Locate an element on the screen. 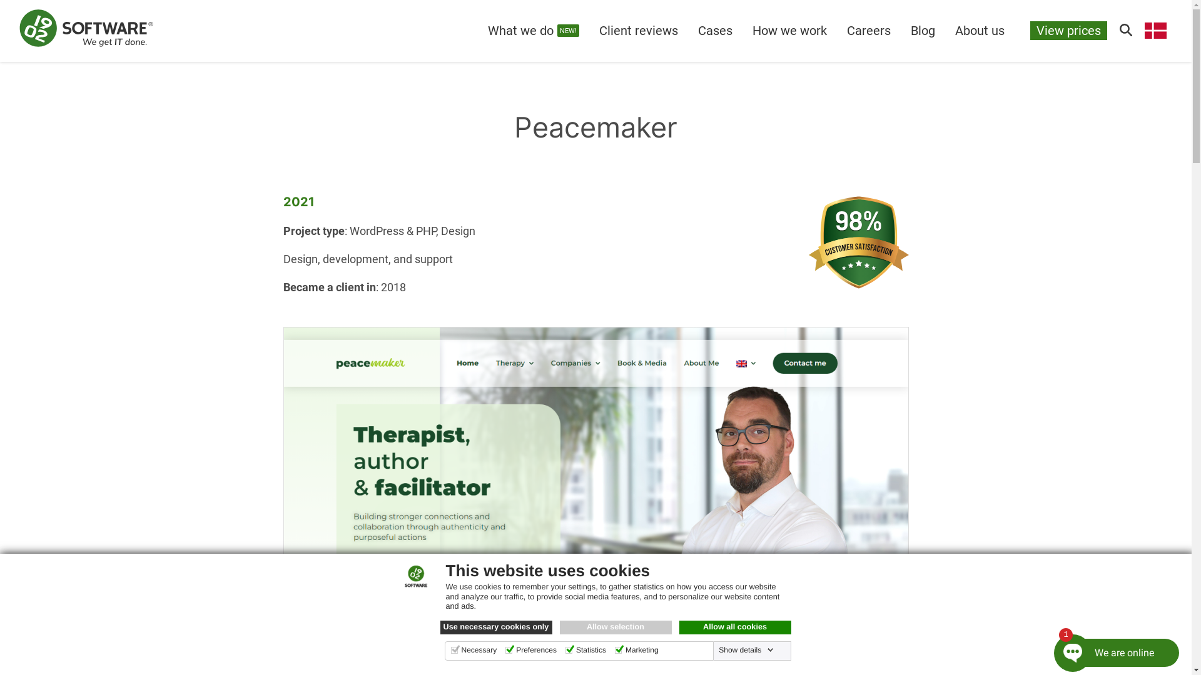 The height and width of the screenshot is (675, 1201). 'Careers' is located at coordinates (837, 30).